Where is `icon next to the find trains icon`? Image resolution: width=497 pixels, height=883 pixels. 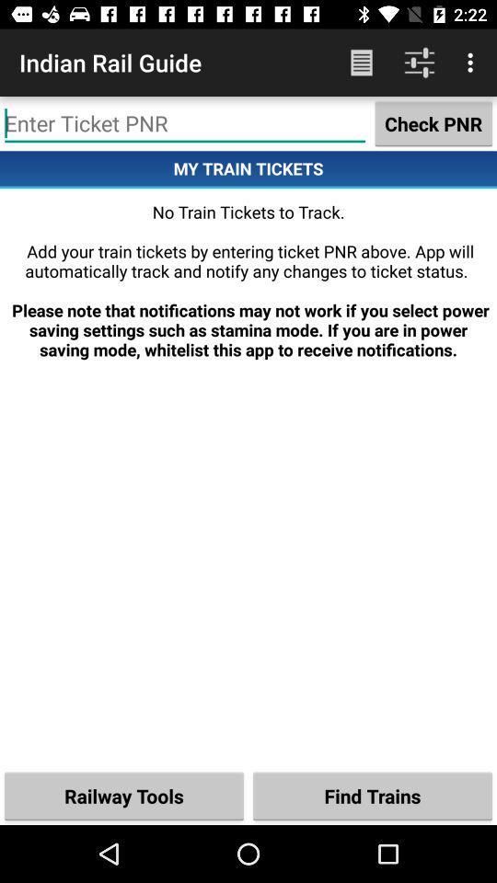
icon next to the find trains icon is located at coordinates (124, 795).